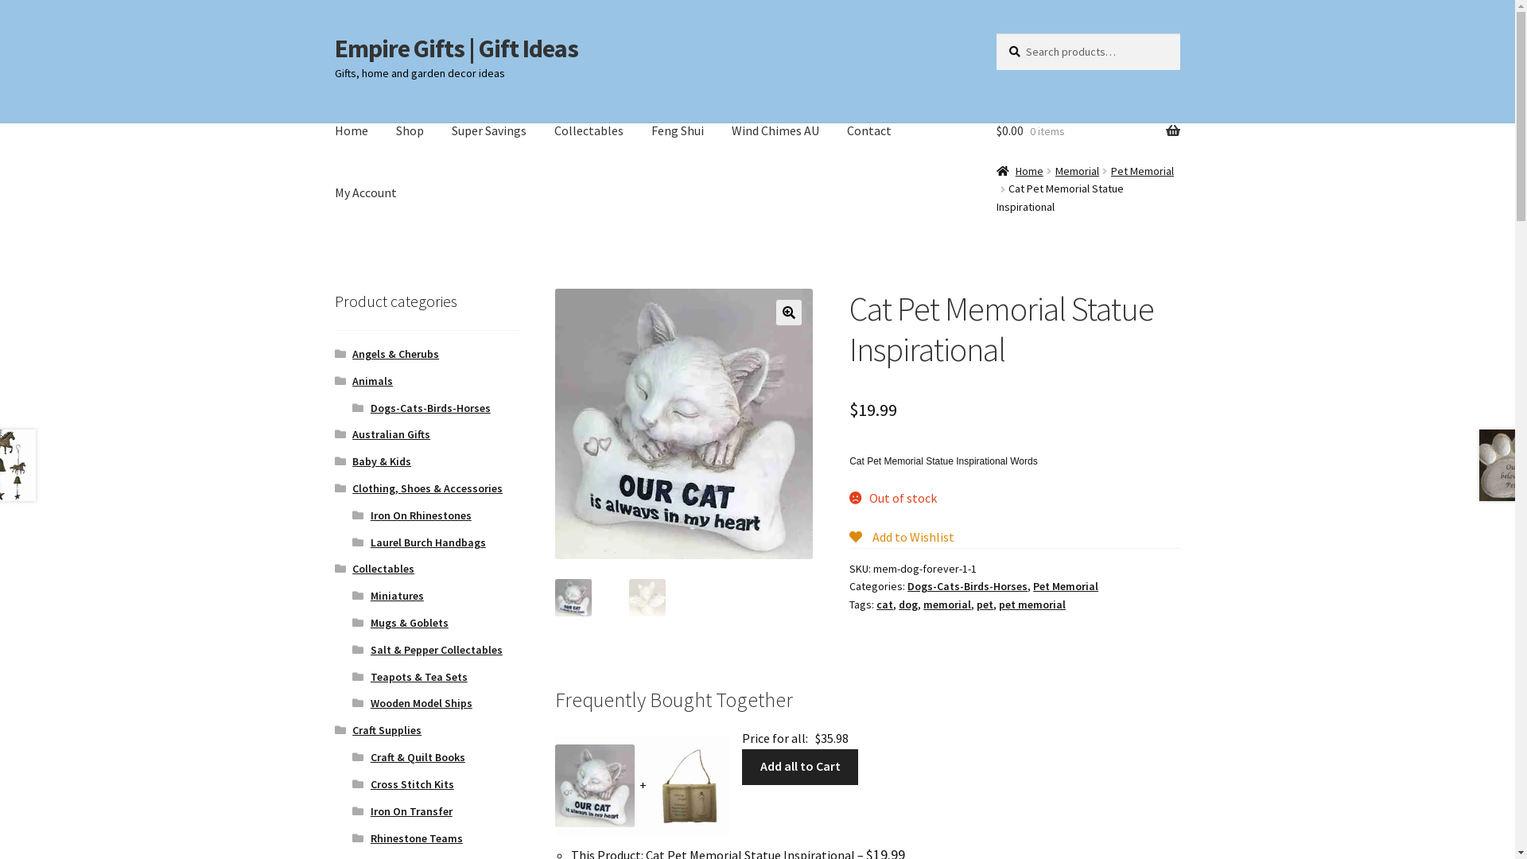 The image size is (1527, 859). Describe the element at coordinates (868, 130) in the screenshot. I see `'Contact'` at that location.